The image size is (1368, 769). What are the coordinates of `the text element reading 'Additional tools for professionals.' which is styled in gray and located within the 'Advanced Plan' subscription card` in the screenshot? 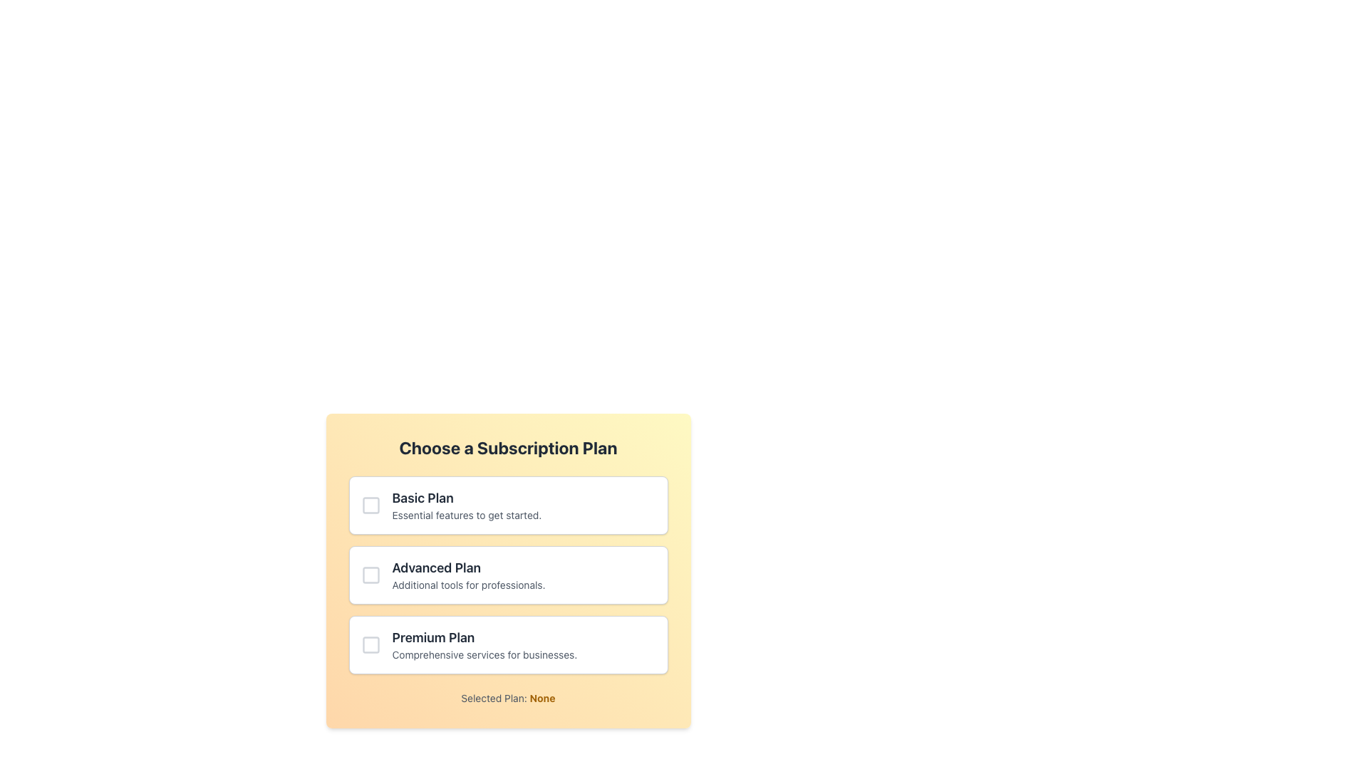 It's located at (523, 585).